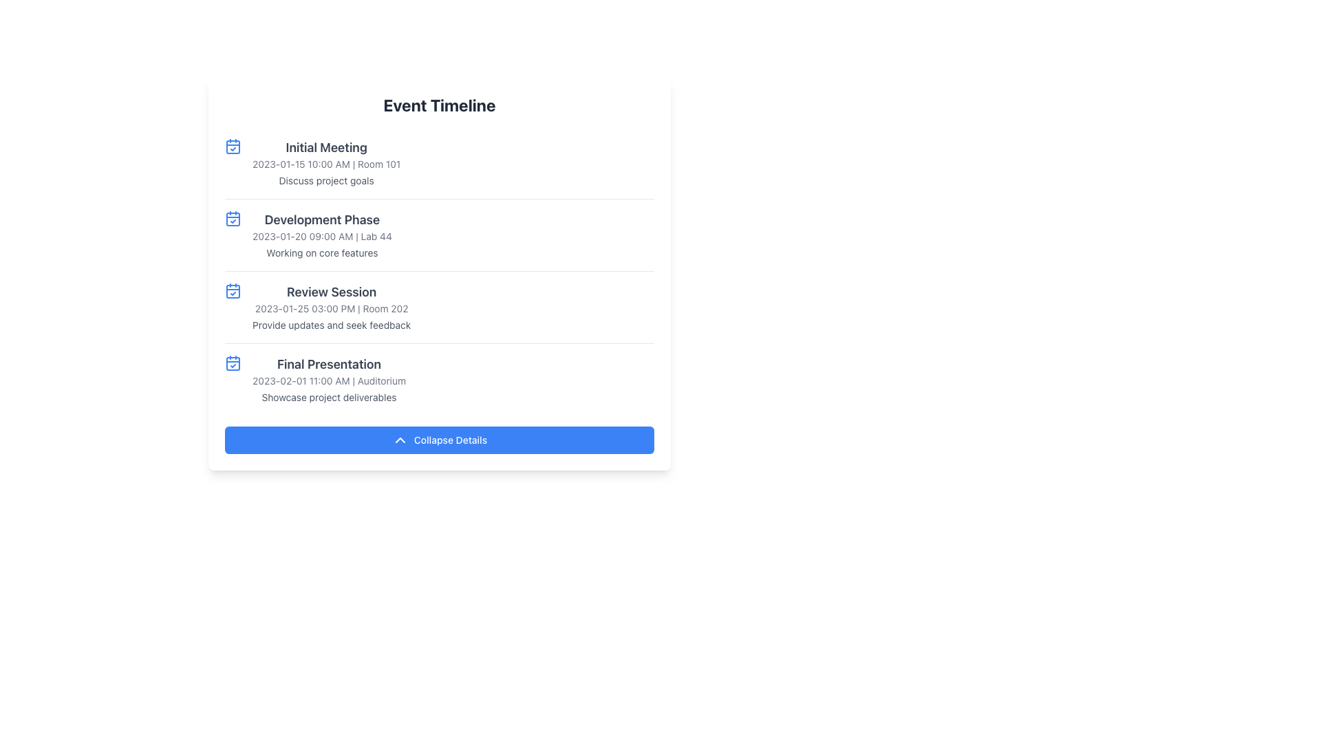 This screenshot has height=743, width=1321. I want to click on the List item displaying event details for 'Review Session', which is the third item in the 'Event Timeline' section, so click(438, 306).